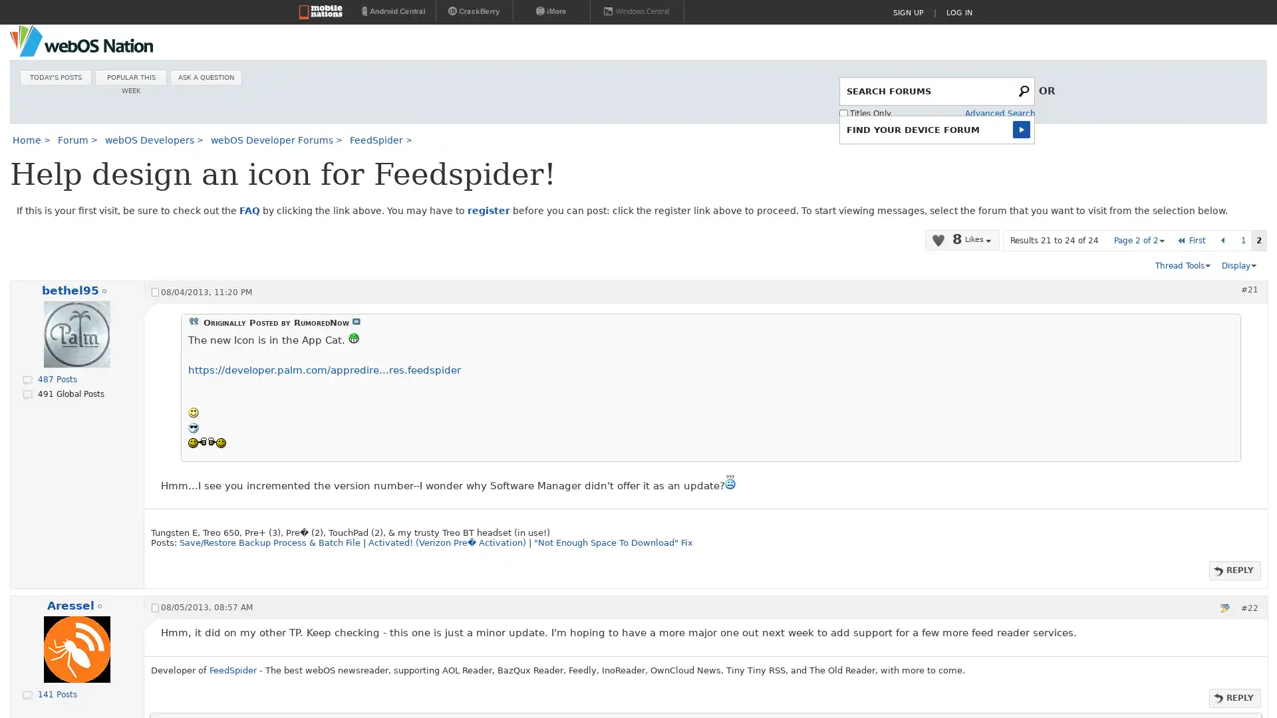 Image resolution: width=1277 pixels, height=718 pixels. Describe the element at coordinates (1024, 90) in the screenshot. I see `Submit` at that location.